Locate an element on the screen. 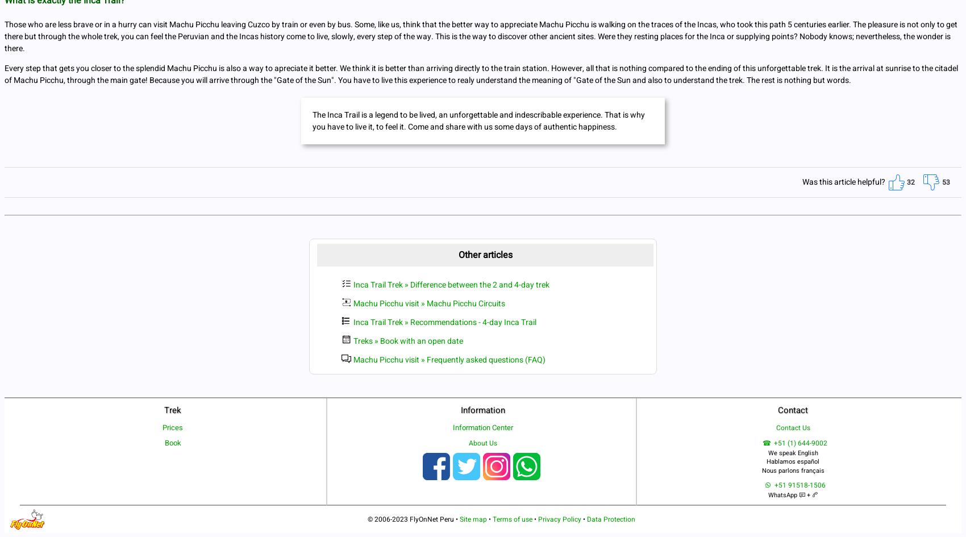 Image resolution: width=966 pixels, height=537 pixels. 'Prices' is located at coordinates (162, 427).